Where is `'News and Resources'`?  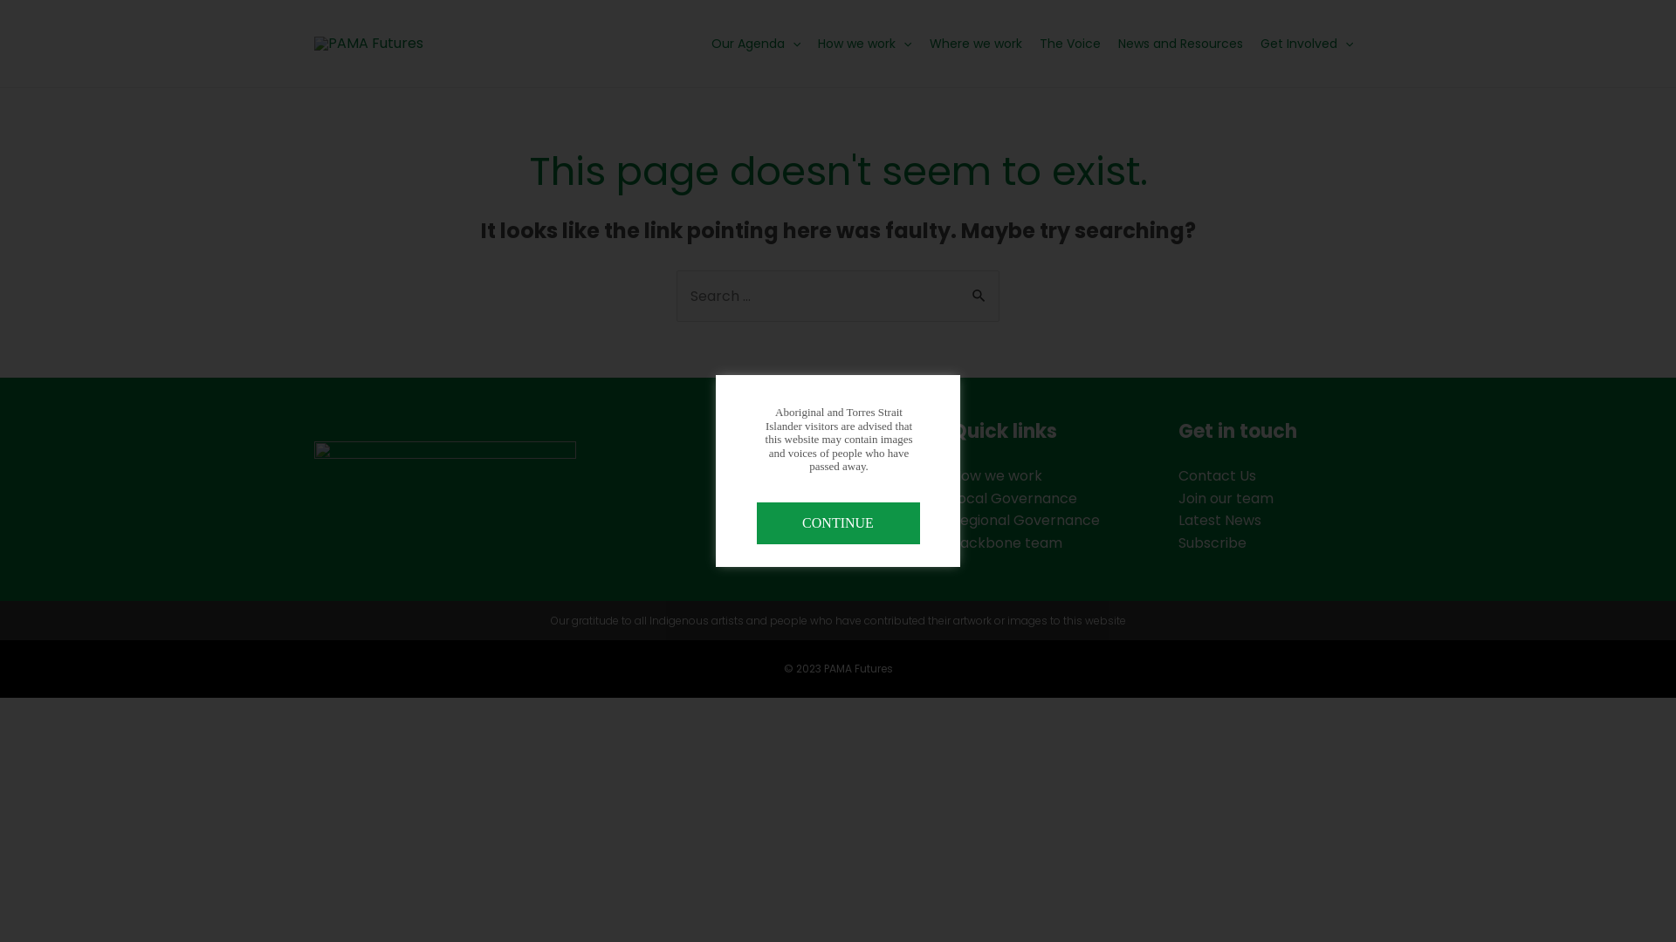 'News and Resources' is located at coordinates (1180, 43).